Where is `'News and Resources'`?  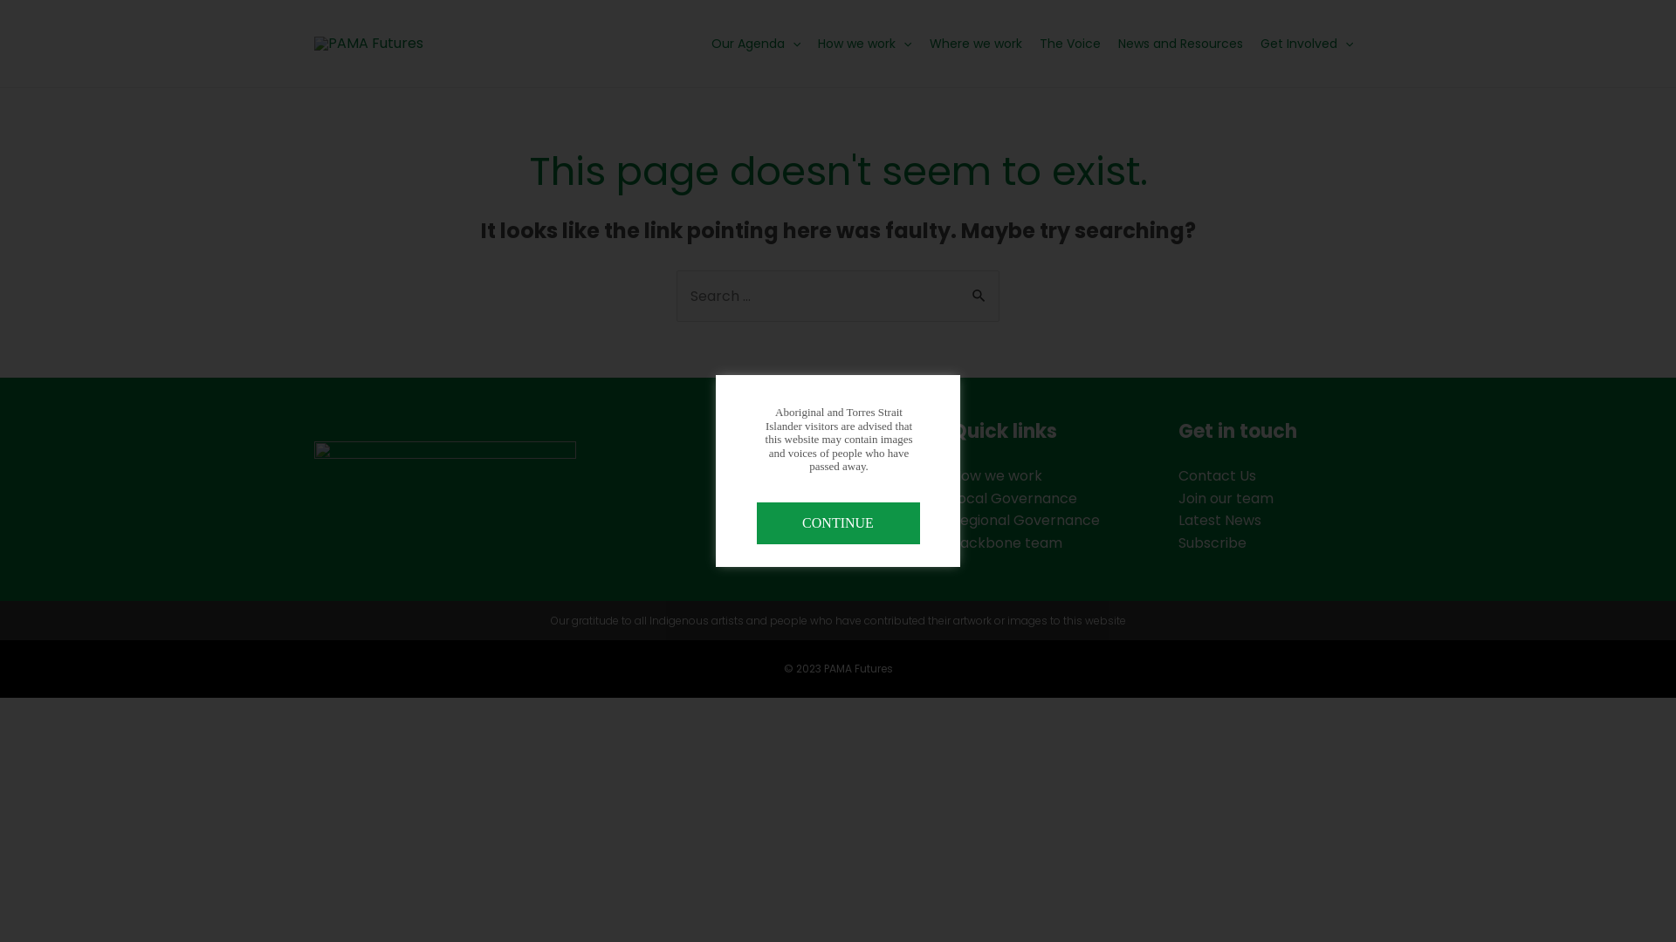 'News and Resources' is located at coordinates (1180, 43).